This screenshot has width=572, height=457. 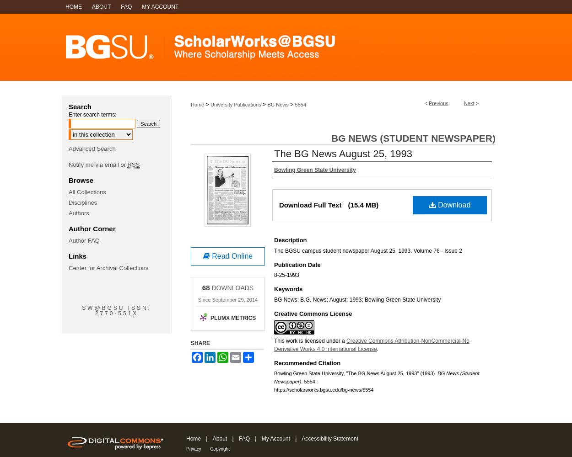 What do you see at coordinates (201, 287) in the screenshot?
I see `'68'` at bounding box center [201, 287].